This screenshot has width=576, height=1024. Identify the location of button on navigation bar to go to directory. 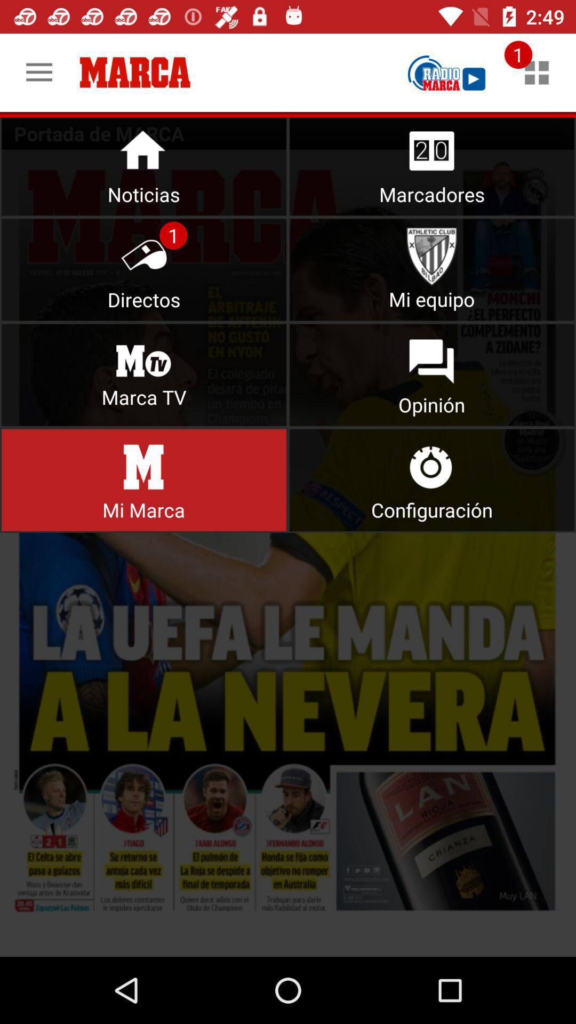
(144, 269).